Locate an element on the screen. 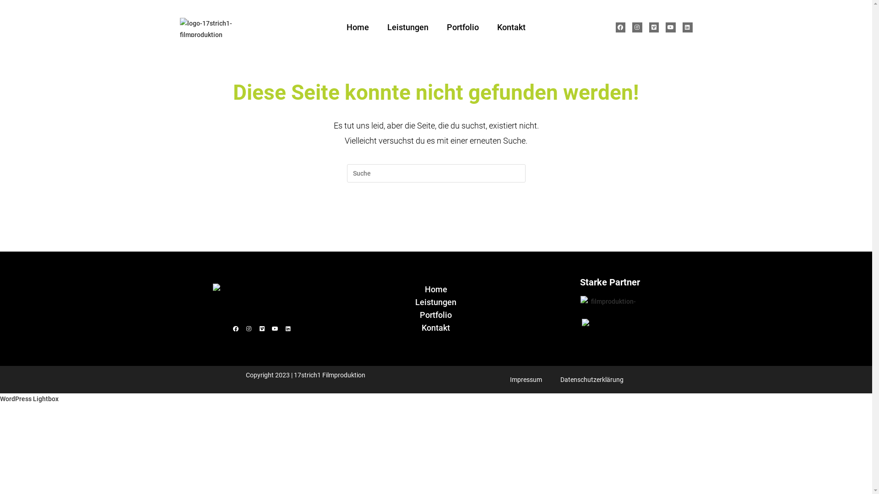 This screenshot has height=494, width=879. 'Home' is located at coordinates (435, 289).